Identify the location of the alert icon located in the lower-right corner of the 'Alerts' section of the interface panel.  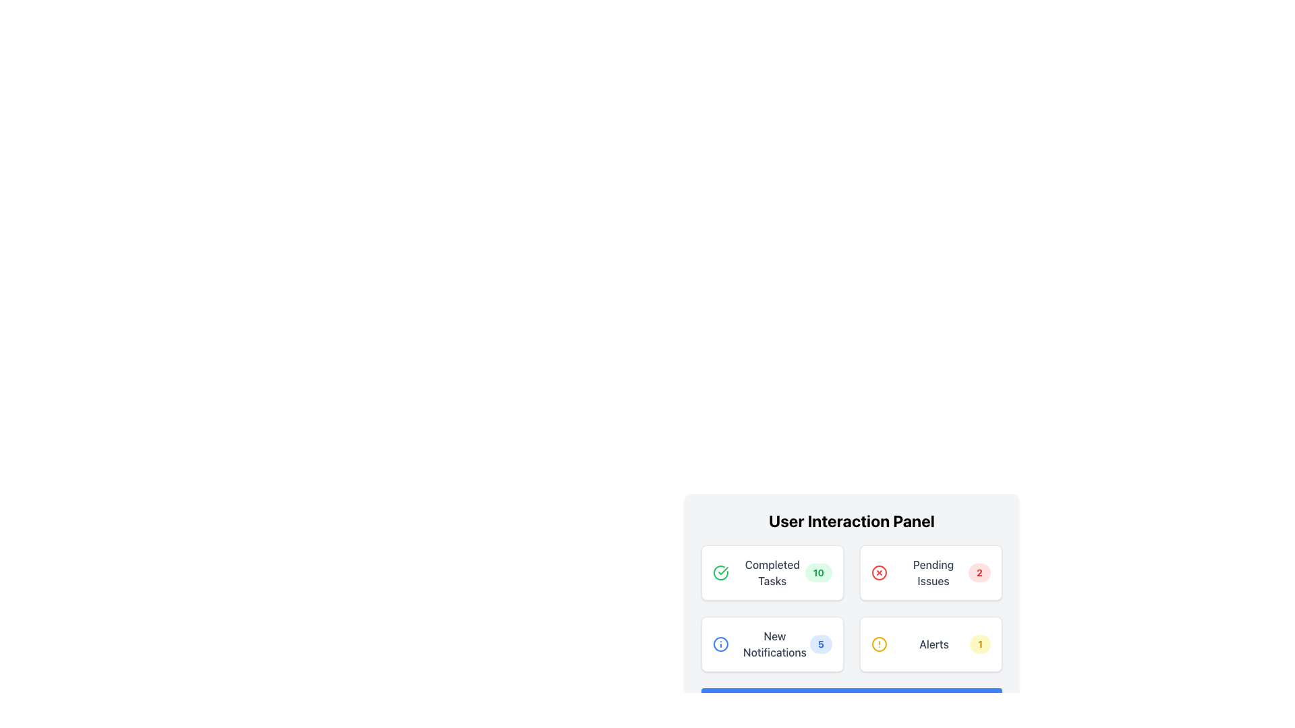
(880, 644).